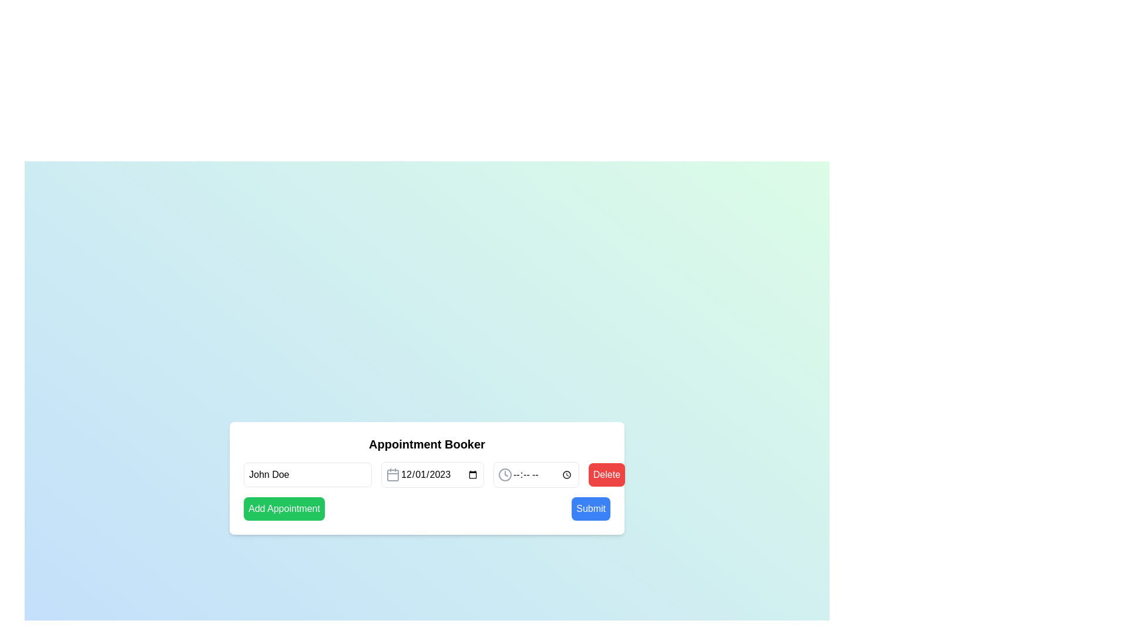 This screenshot has width=1128, height=634. Describe the element at coordinates (432, 474) in the screenshot. I see `the calendar icon of the Date input field` at that location.